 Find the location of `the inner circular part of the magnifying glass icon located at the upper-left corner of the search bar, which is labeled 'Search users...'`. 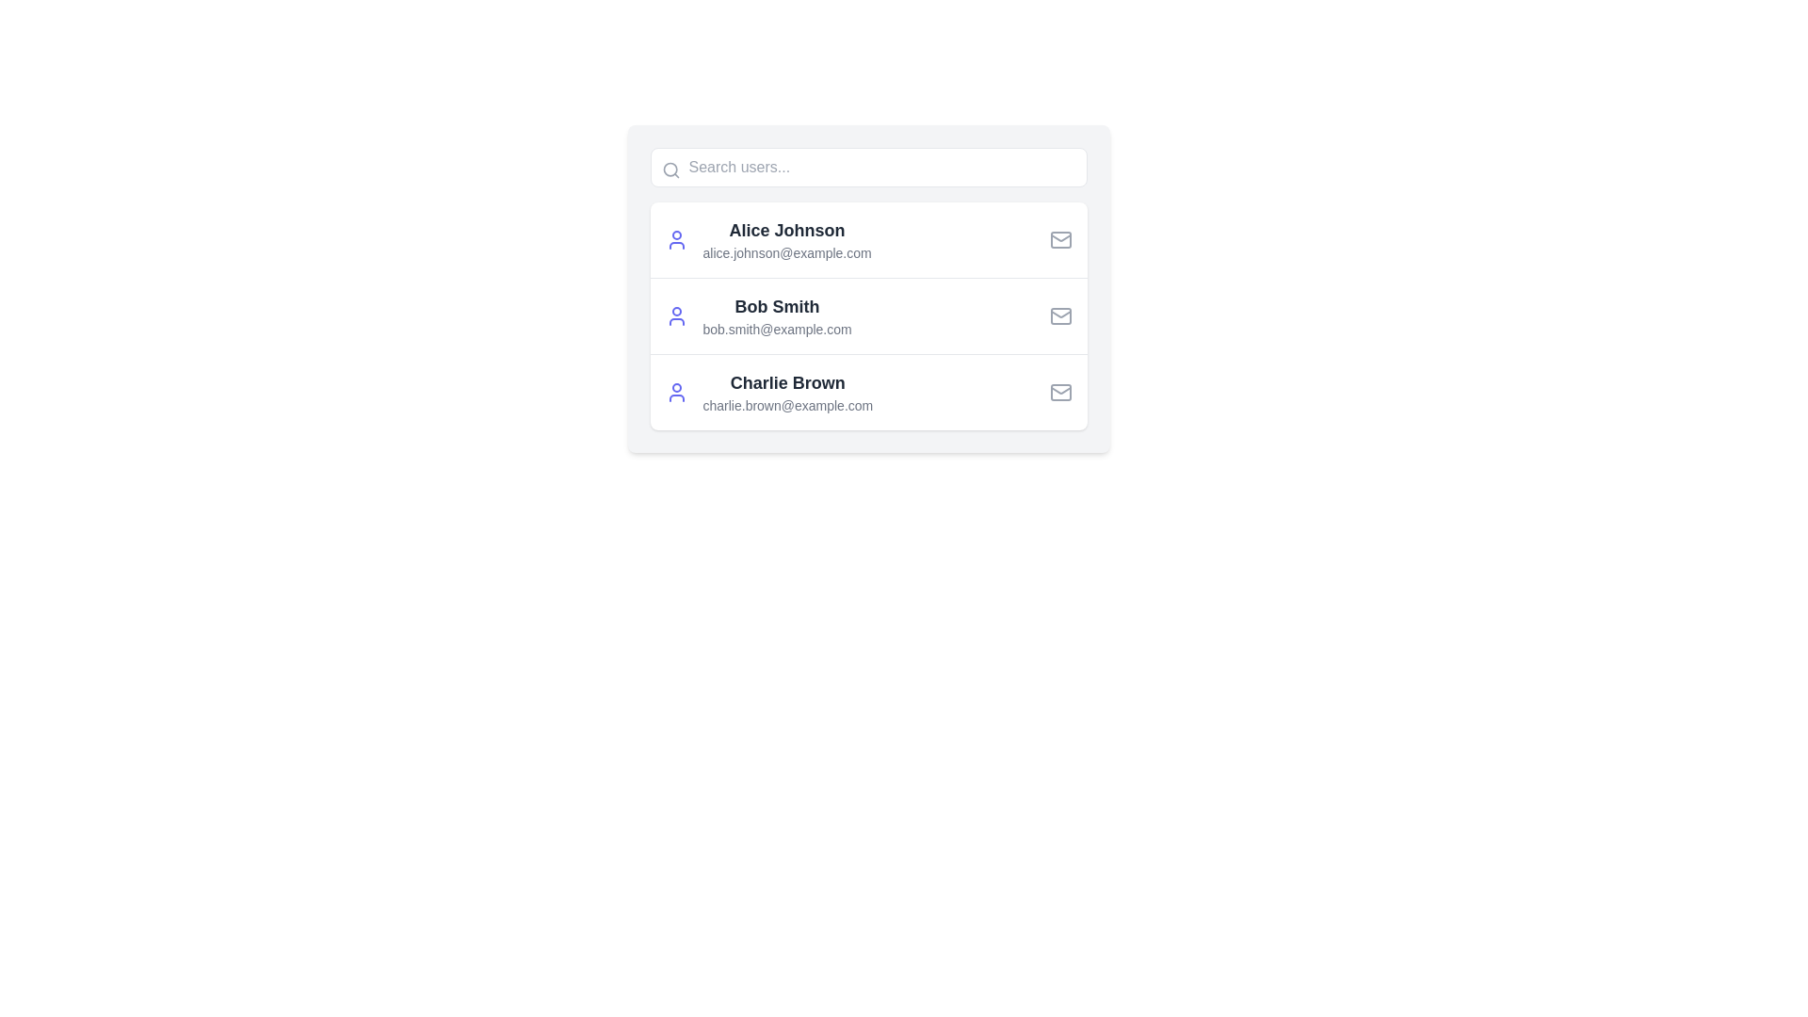

the inner circular part of the magnifying glass icon located at the upper-left corner of the search bar, which is labeled 'Search users...' is located at coordinates (670, 169).